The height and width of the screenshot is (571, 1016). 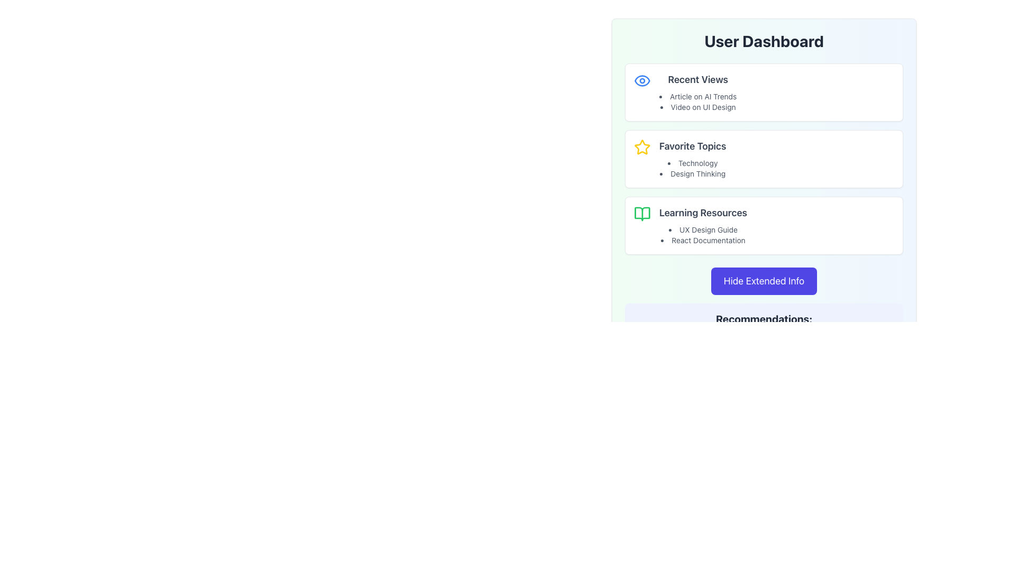 What do you see at coordinates (642, 147) in the screenshot?
I see `the ornamental icon representing the 'Favorite Topics' section located to the left of the text 'Favorite Topics' in the 'User Dashboard' interface` at bounding box center [642, 147].